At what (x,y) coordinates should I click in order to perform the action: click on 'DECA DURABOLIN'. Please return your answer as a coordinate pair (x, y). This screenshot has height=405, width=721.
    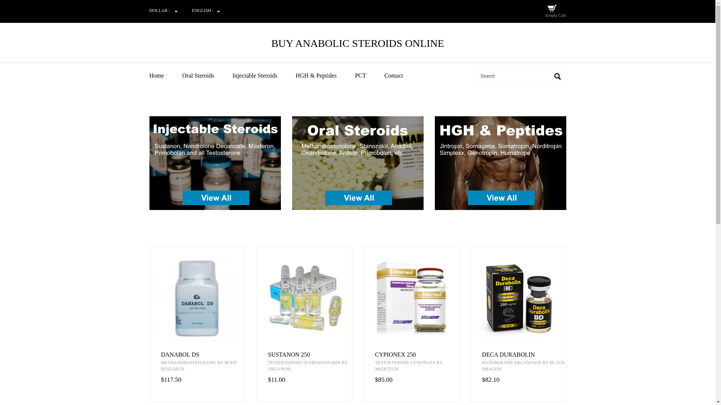
    Looking at the image, I should click on (482, 354).